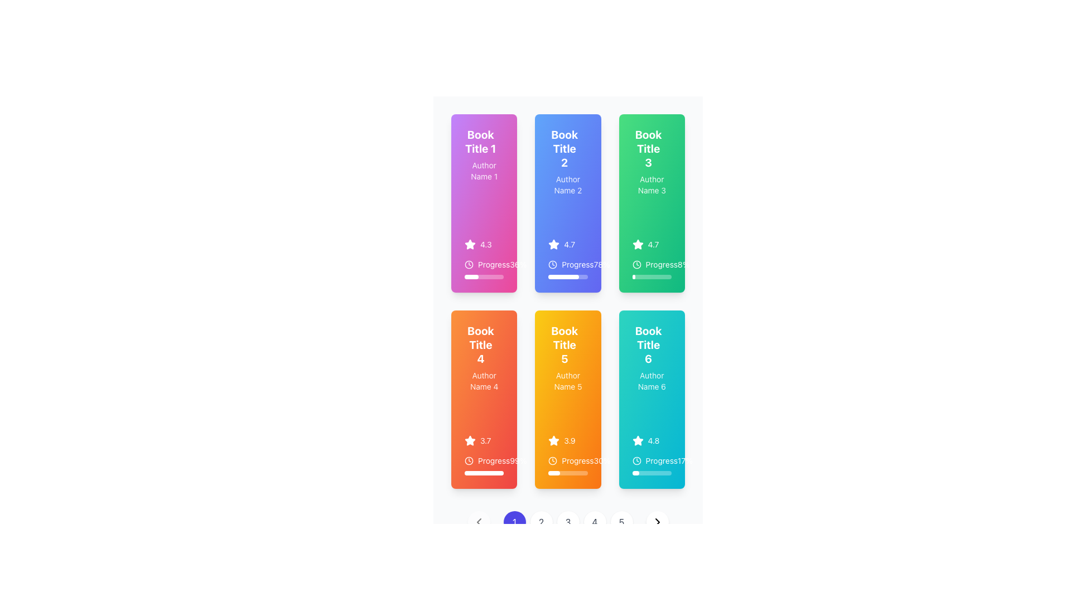  Describe the element at coordinates (568, 264) in the screenshot. I see `the Text display element showing 'Progress 78%' with a clock-like icon, located in the second card of the top row titled 'Book Title 2'` at that location.